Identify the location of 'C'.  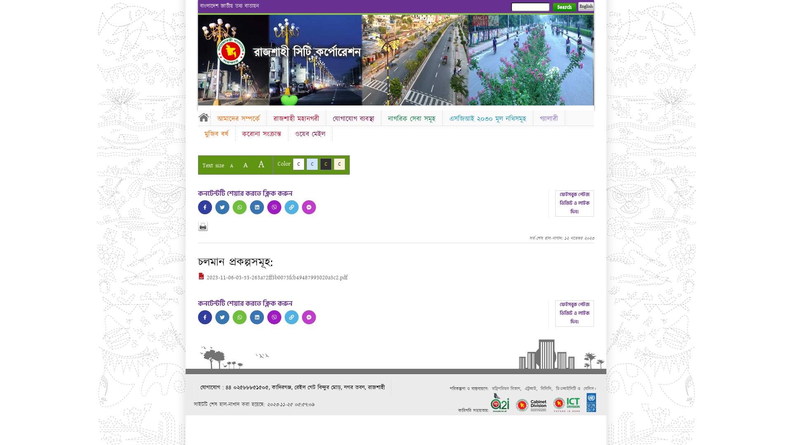
(306, 164).